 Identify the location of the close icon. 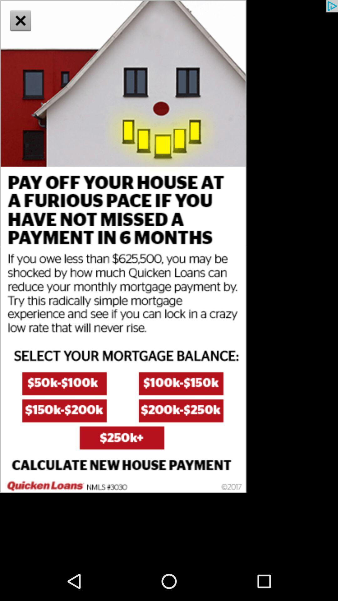
(20, 22).